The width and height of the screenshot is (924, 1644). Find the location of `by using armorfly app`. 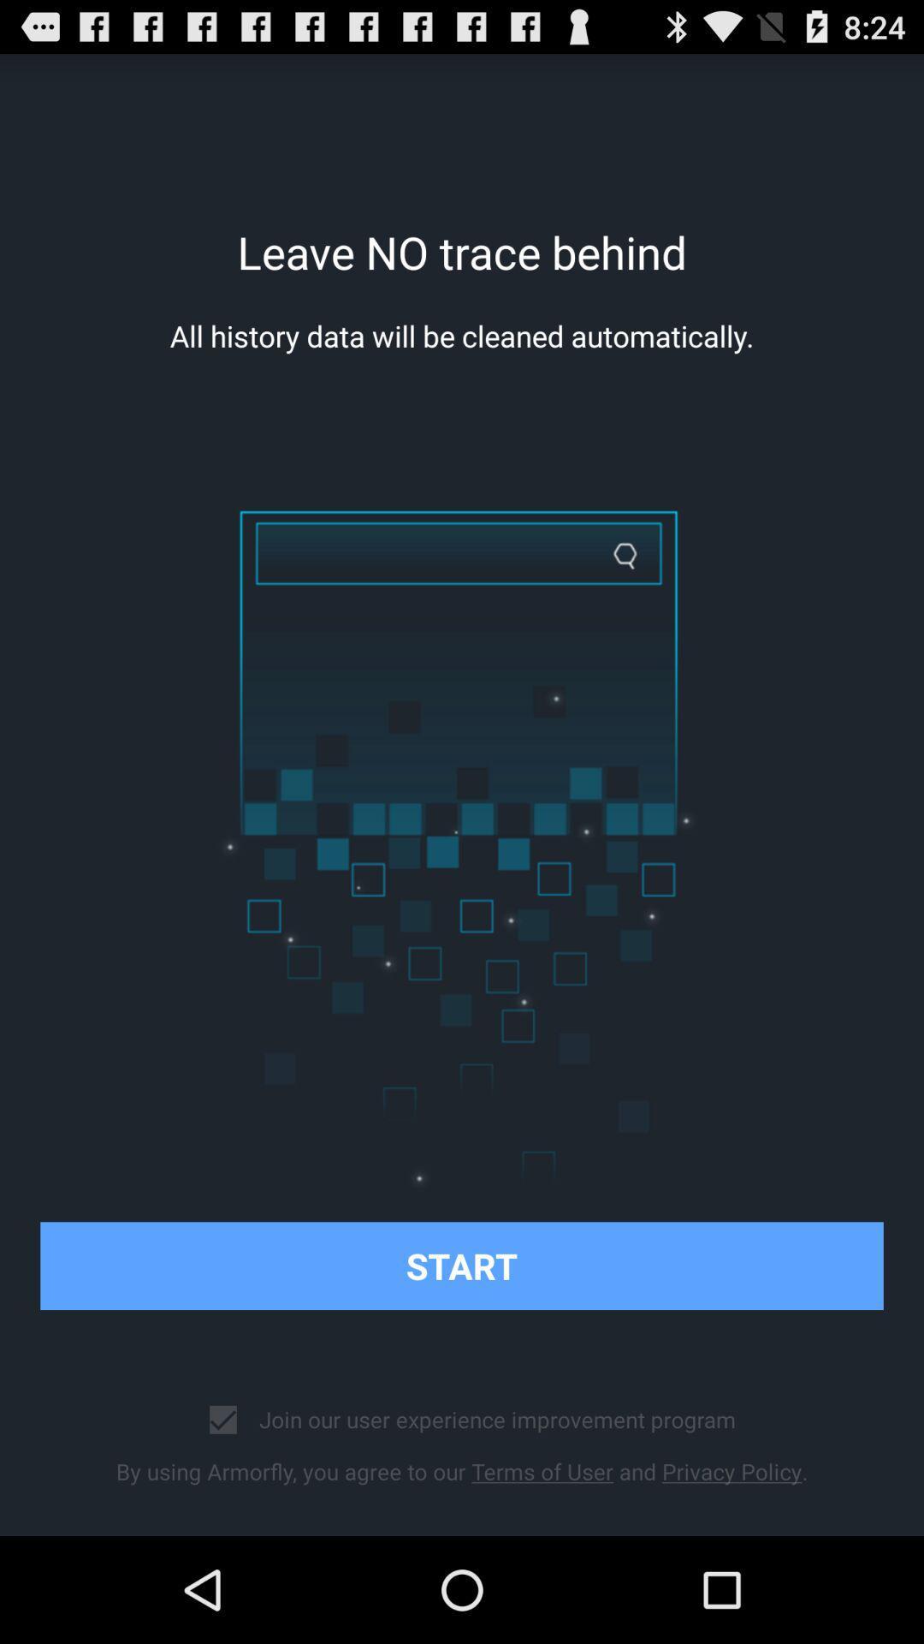

by using armorfly app is located at coordinates (462, 1470).